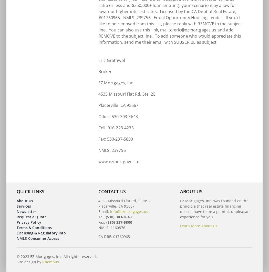  Describe the element at coordinates (104, 211) in the screenshot. I see `'Email:'` at that location.